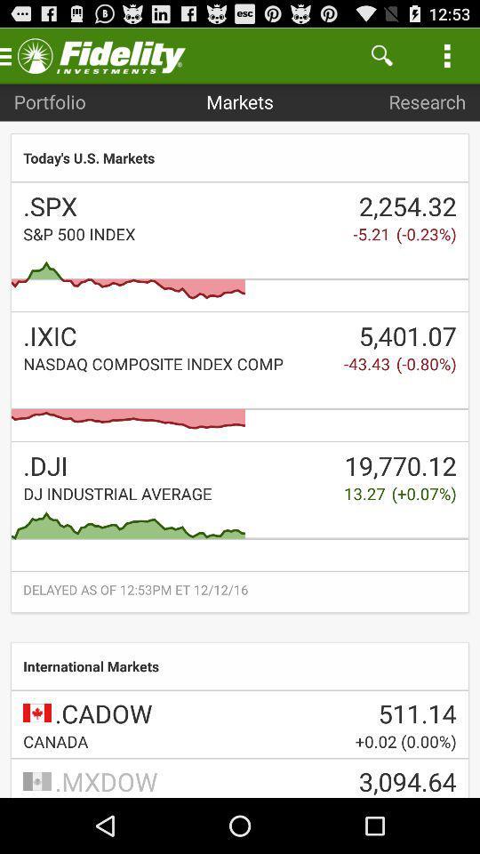 Image resolution: width=480 pixels, height=854 pixels. What do you see at coordinates (446, 55) in the screenshot?
I see `the icon above research app` at bounding box center [446, 55].